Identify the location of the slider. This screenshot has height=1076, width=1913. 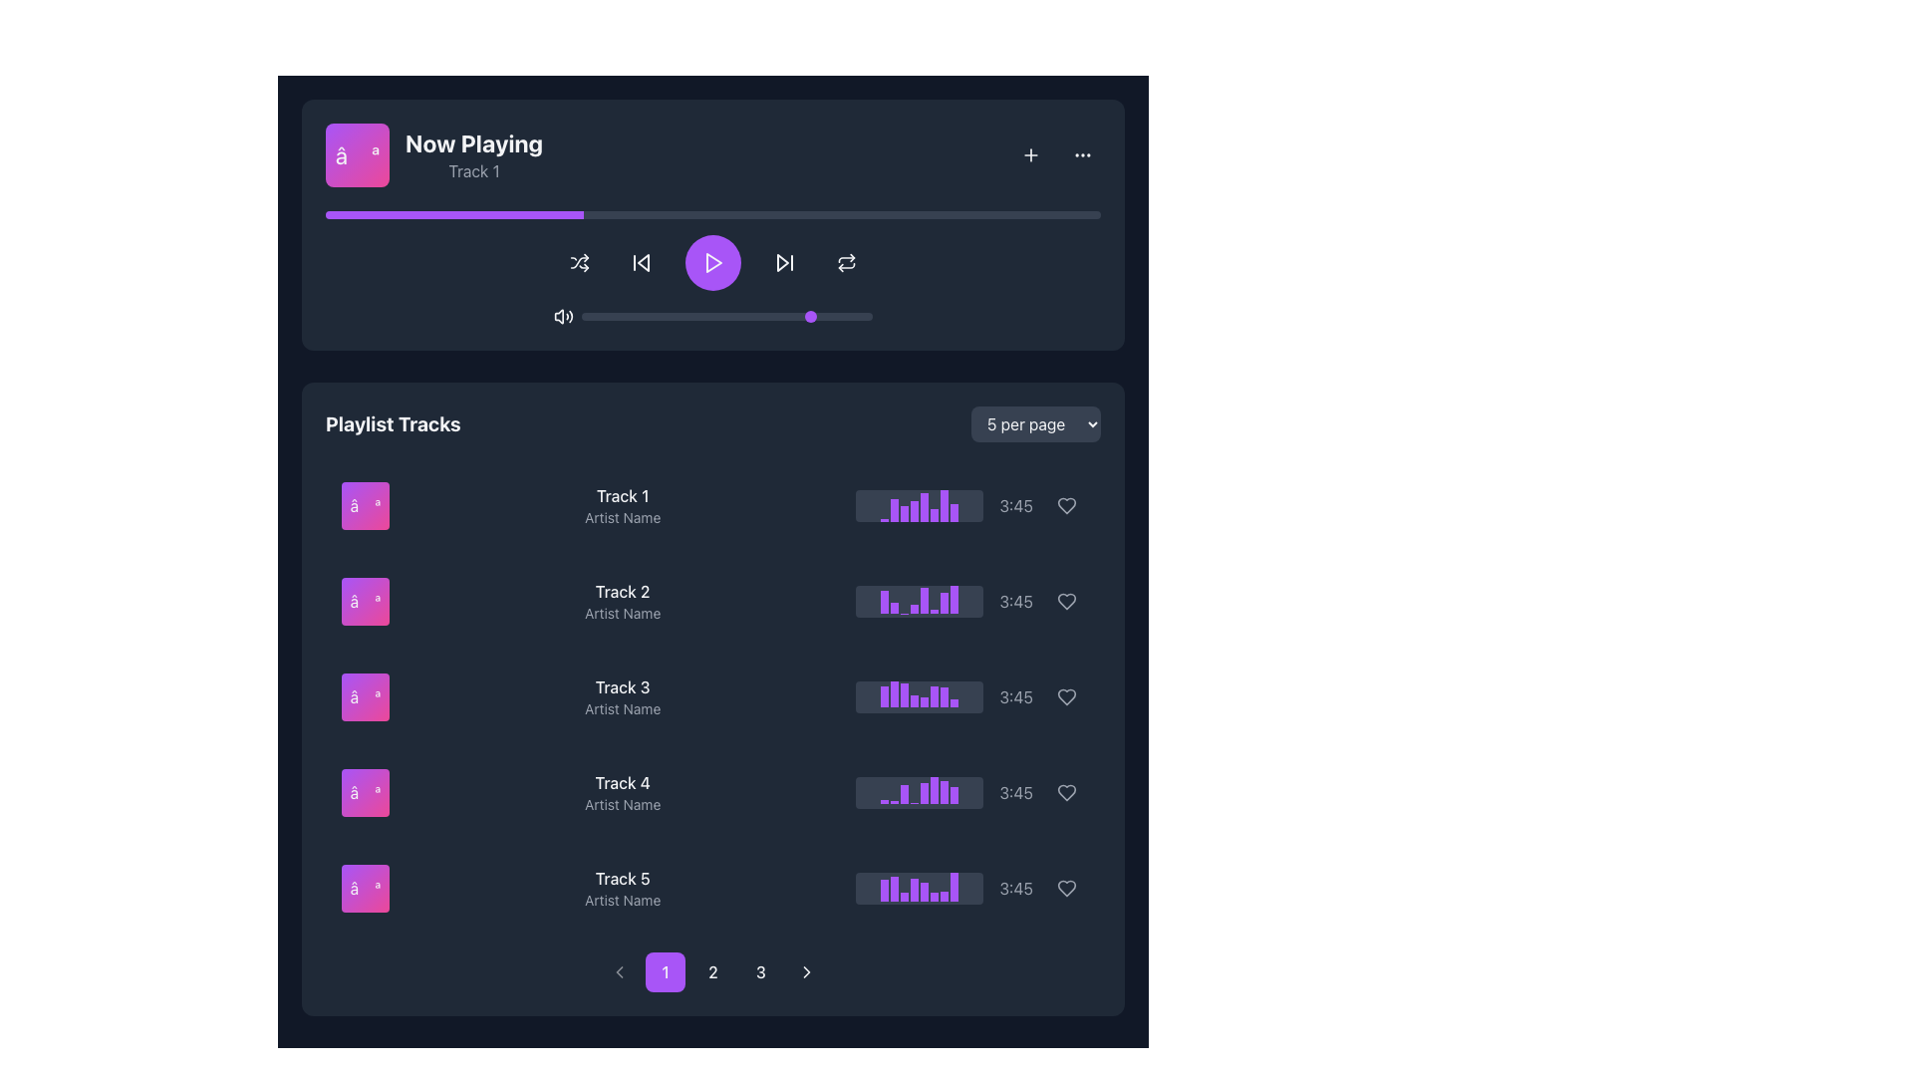
(706, 315).